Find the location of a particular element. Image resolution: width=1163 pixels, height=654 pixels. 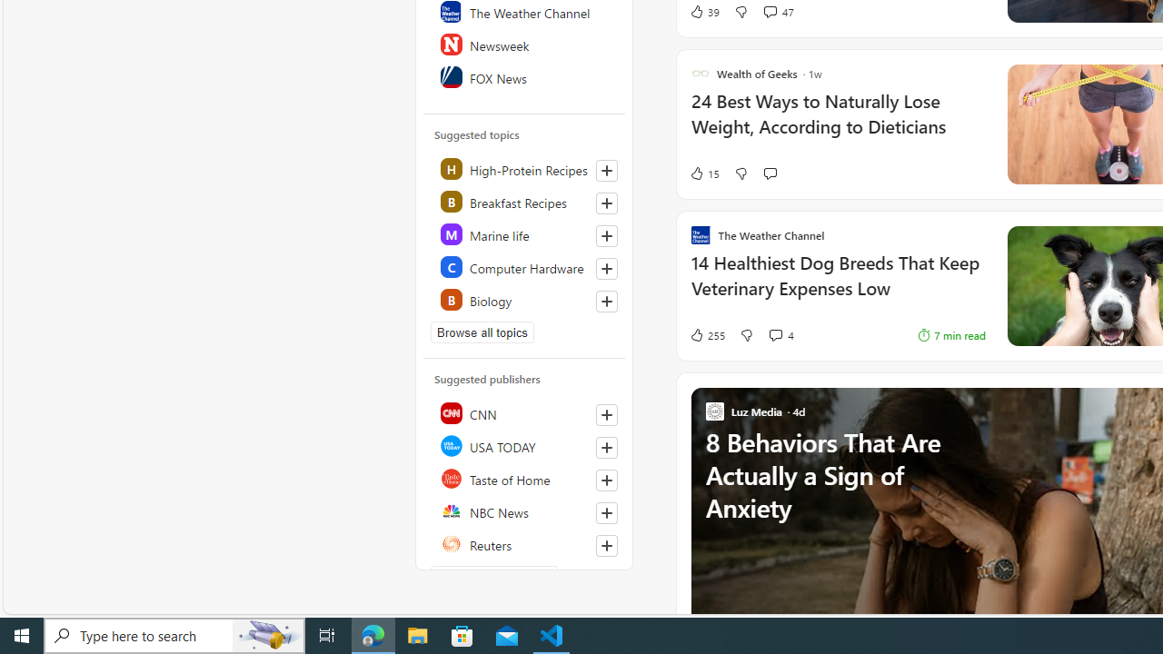

'CNN' is located at coordinates (524, 413).